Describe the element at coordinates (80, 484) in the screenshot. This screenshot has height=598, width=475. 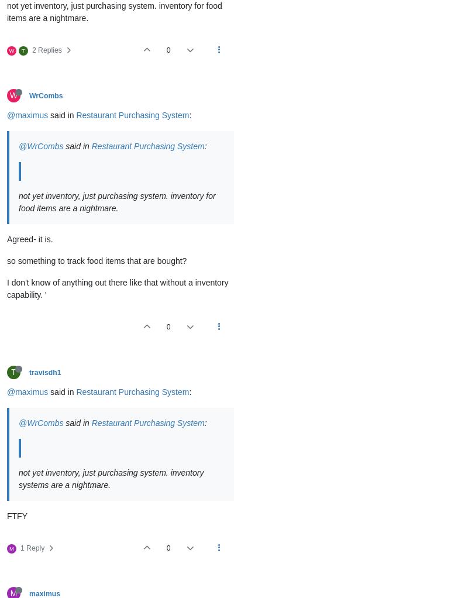
I see `'are a nightmare.'` at that location.